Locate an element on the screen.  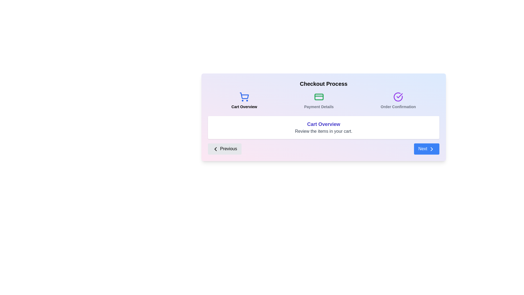
the step titled 'Order Confirmation' to inspect its details is located at coordinates (398, 101).